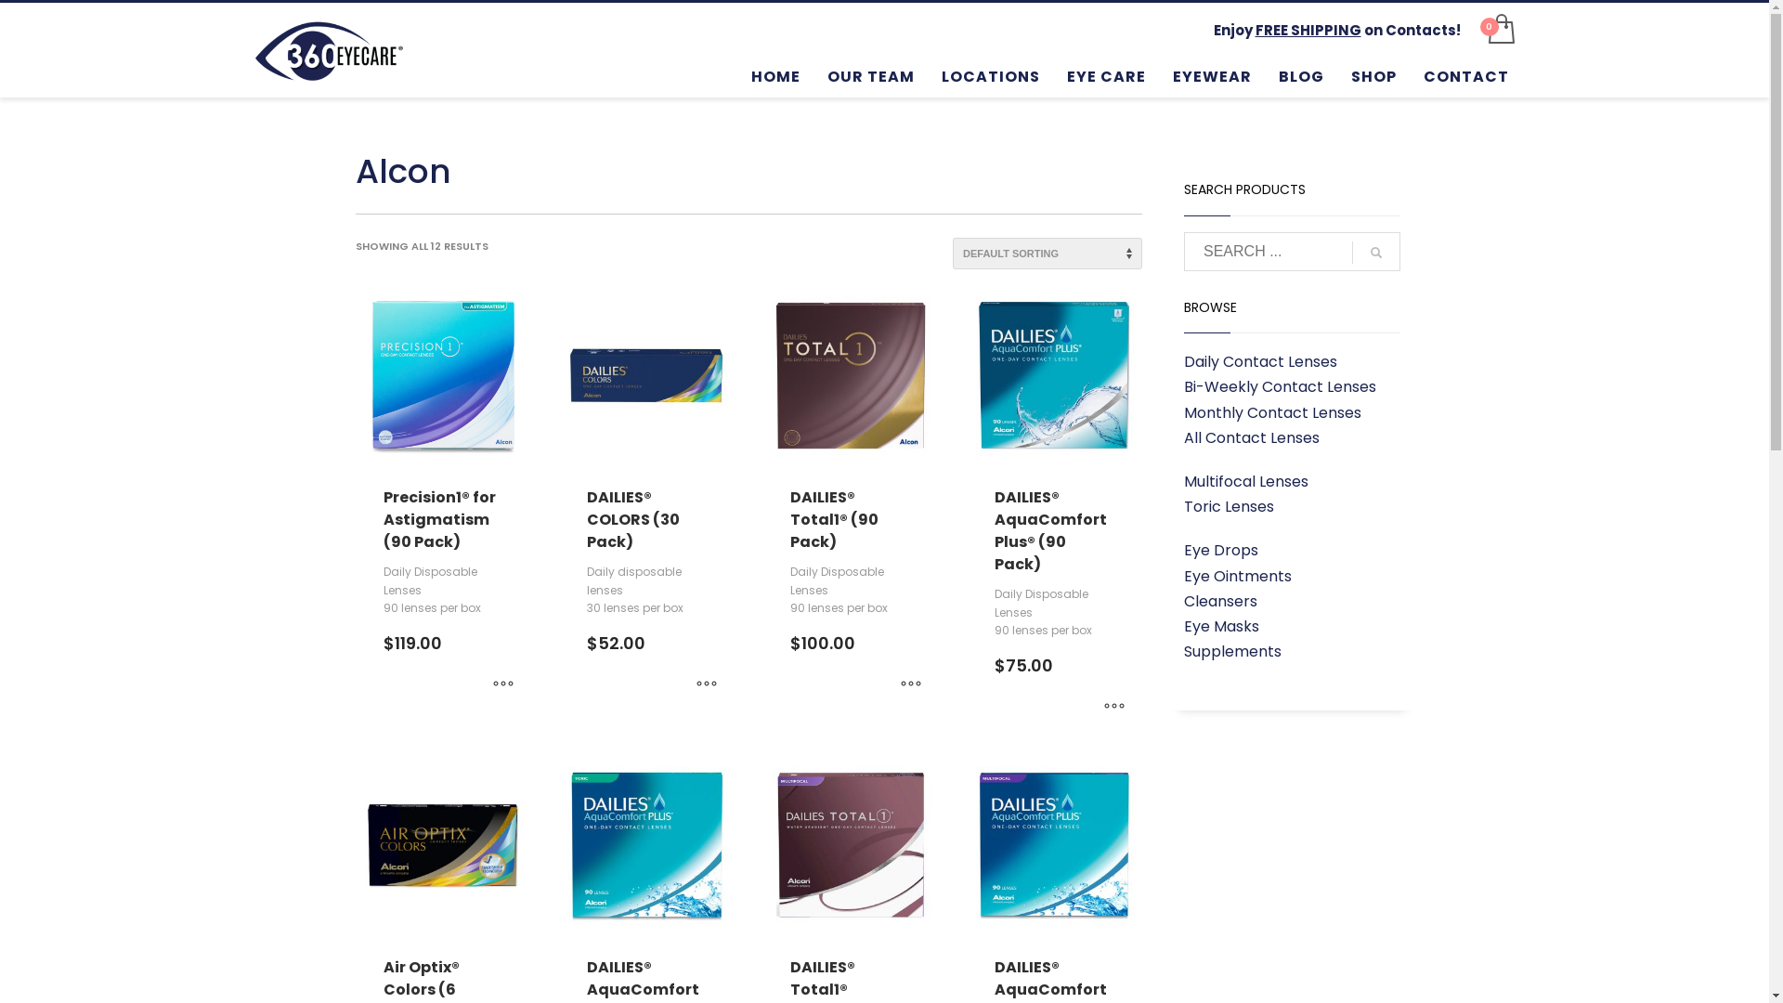 The image size is (1783, 1003). I want to click on 'Supplements', so click(1183, 650).